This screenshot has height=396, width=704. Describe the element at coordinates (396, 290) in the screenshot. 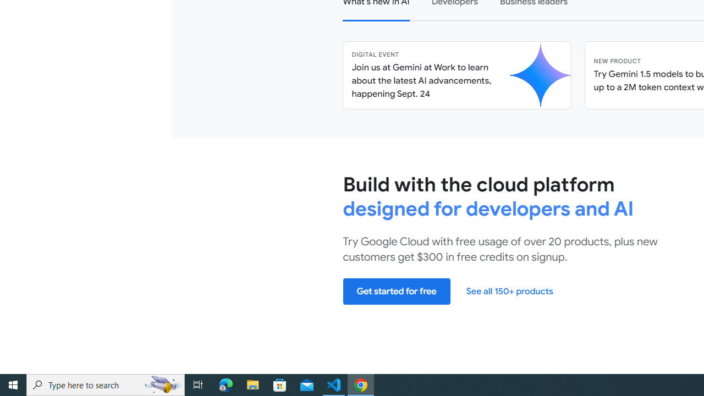

I see `'Get started for free'` at that location.